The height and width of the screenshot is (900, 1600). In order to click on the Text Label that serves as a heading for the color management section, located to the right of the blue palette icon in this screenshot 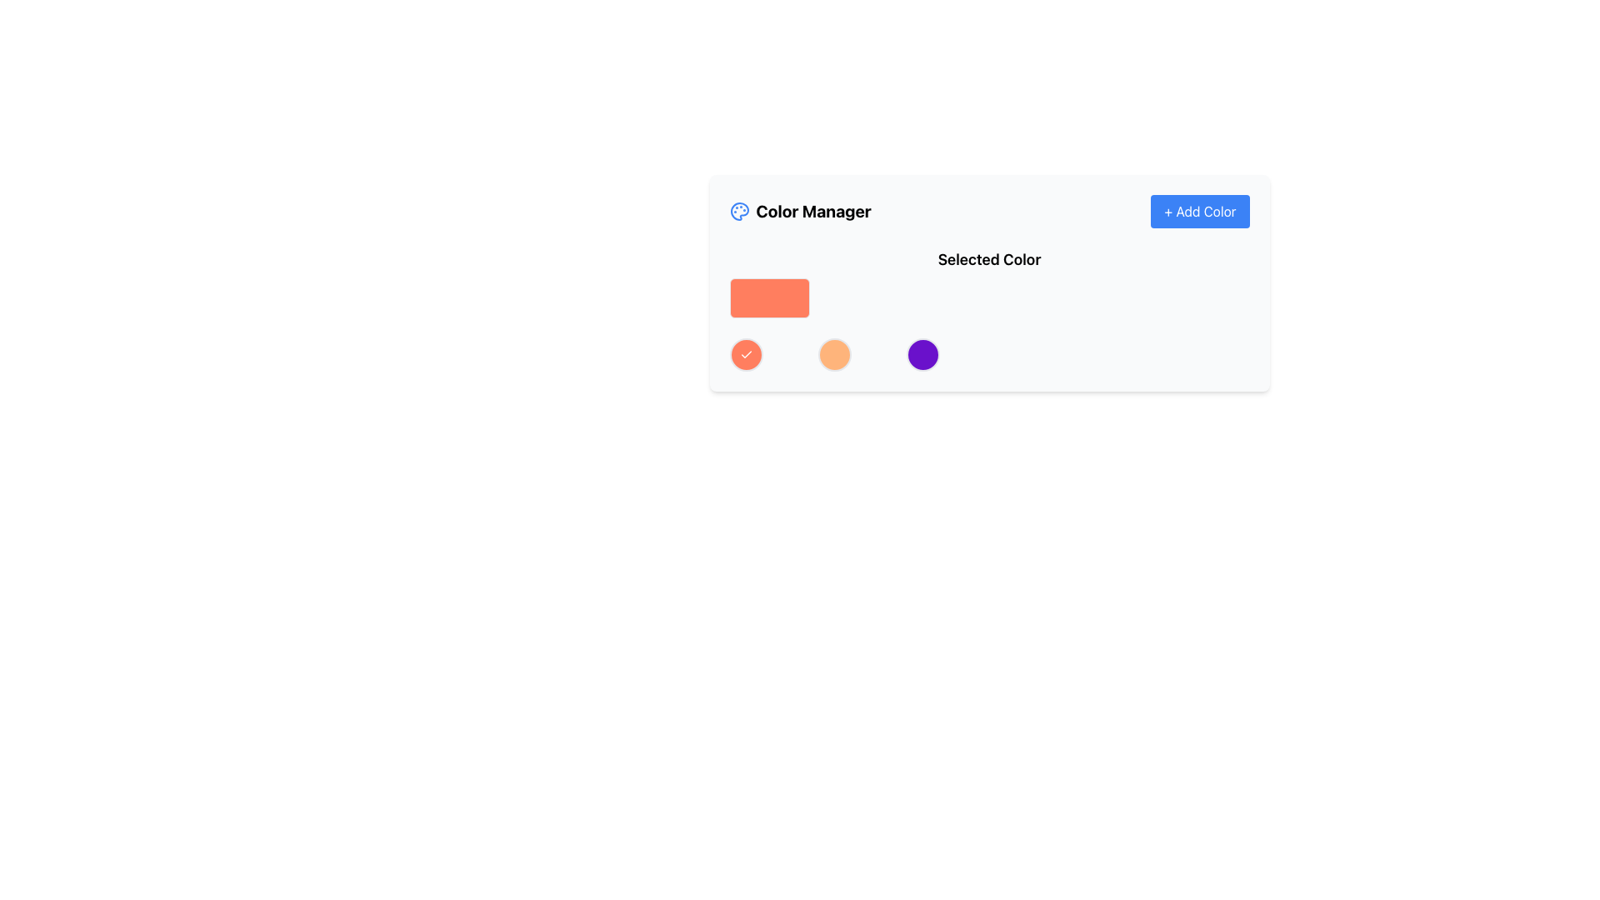, I will do `click(813, 211)`.